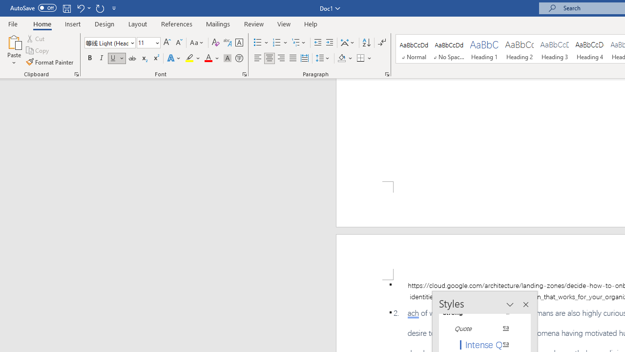 The width and height of the screenshot is (625, 352). Describe the element at coordinates (174, 58) in the screenshot. I see `'Text Effects and Typography'` at that location.